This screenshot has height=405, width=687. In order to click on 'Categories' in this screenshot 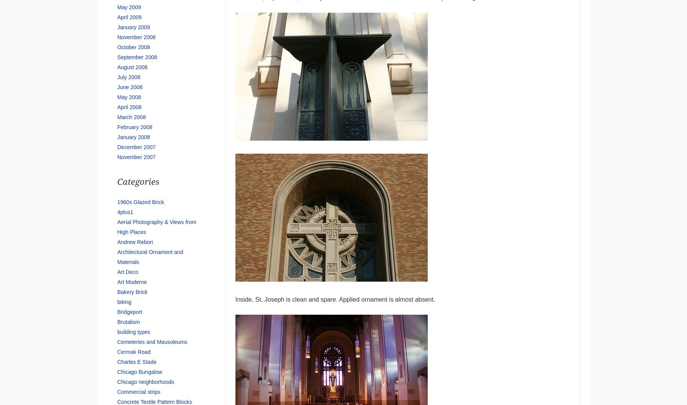, I will do `click(117, 181)`.